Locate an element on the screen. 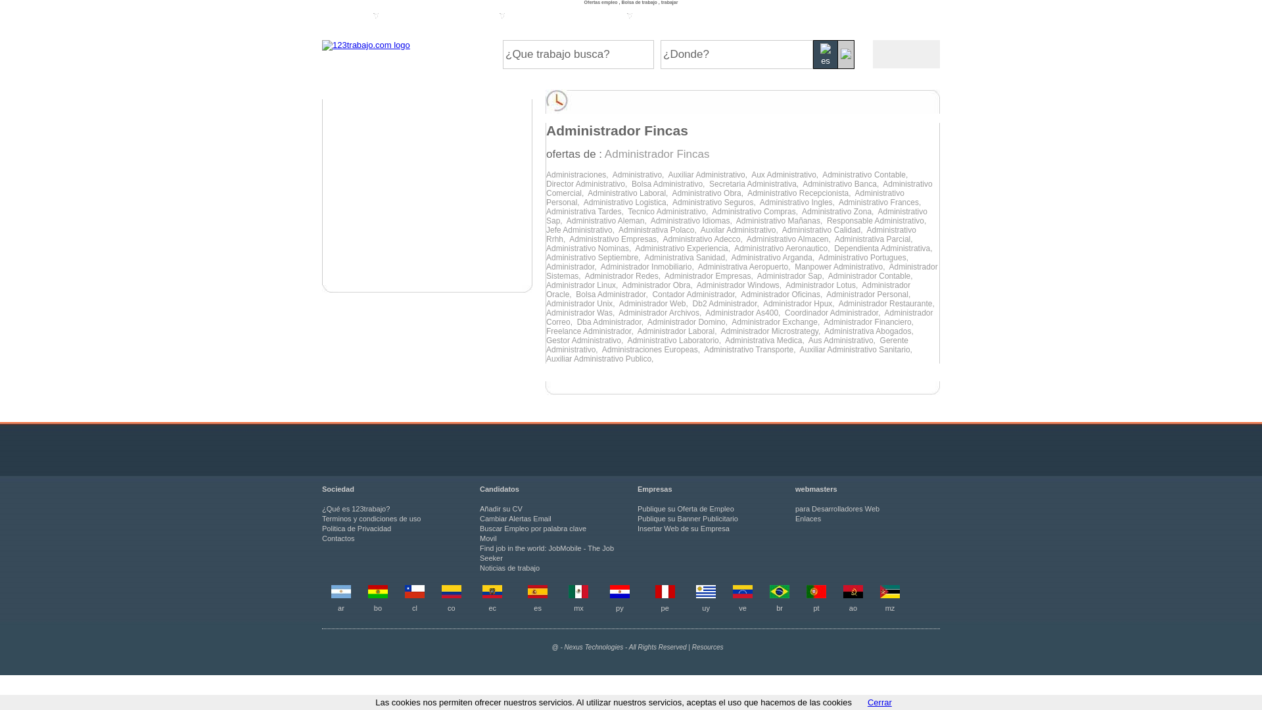 This screenshot has height=710, width=1262. 'Administrador Lotus, ' is located at coordinates (822, 285).